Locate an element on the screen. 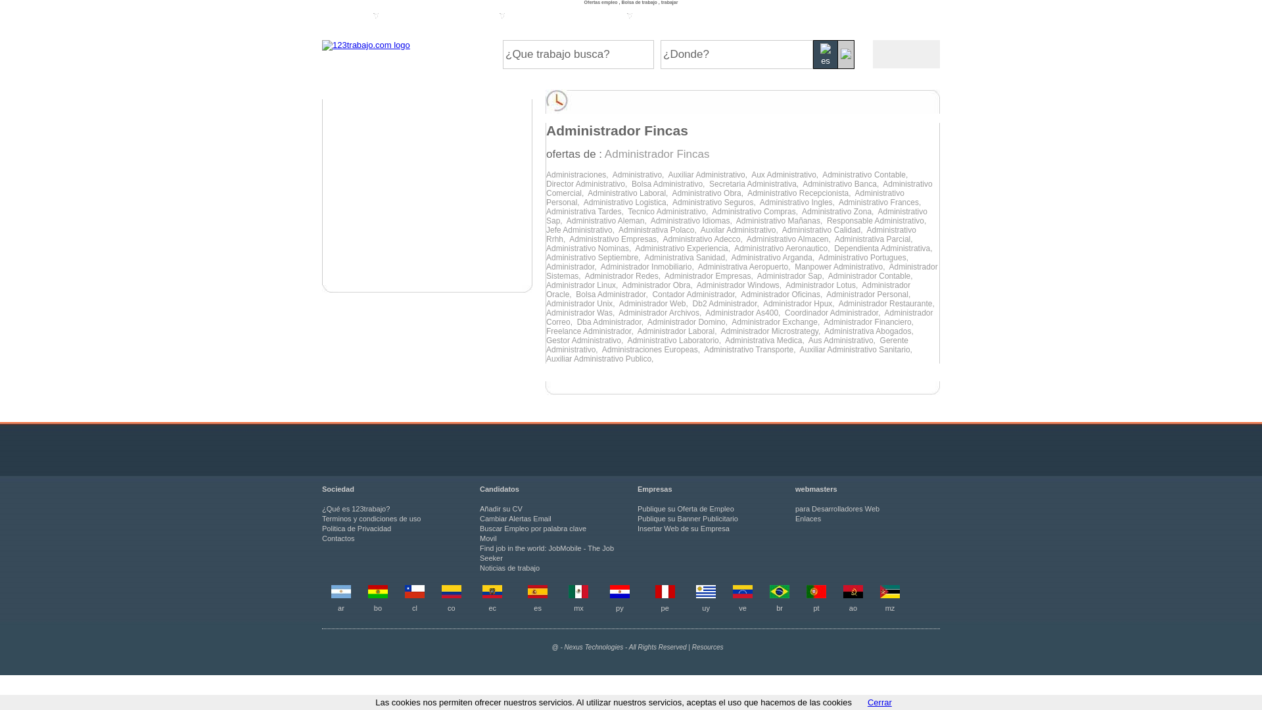 This screenshot has height=710, width=1262. 'Administrador Lotus, ' is located at coordinates (822, 285).